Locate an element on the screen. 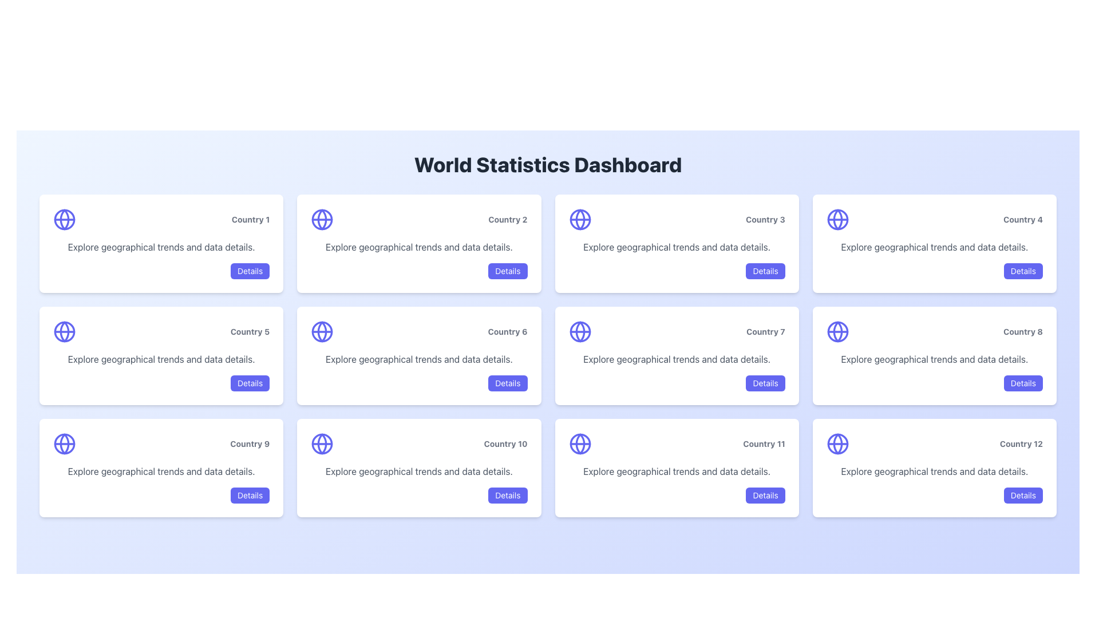  the globe icon inside the card labeled 'Country 11', which is located in the fourth row and second column of a 4x3 grid layout is located at coordinates (580, 443).